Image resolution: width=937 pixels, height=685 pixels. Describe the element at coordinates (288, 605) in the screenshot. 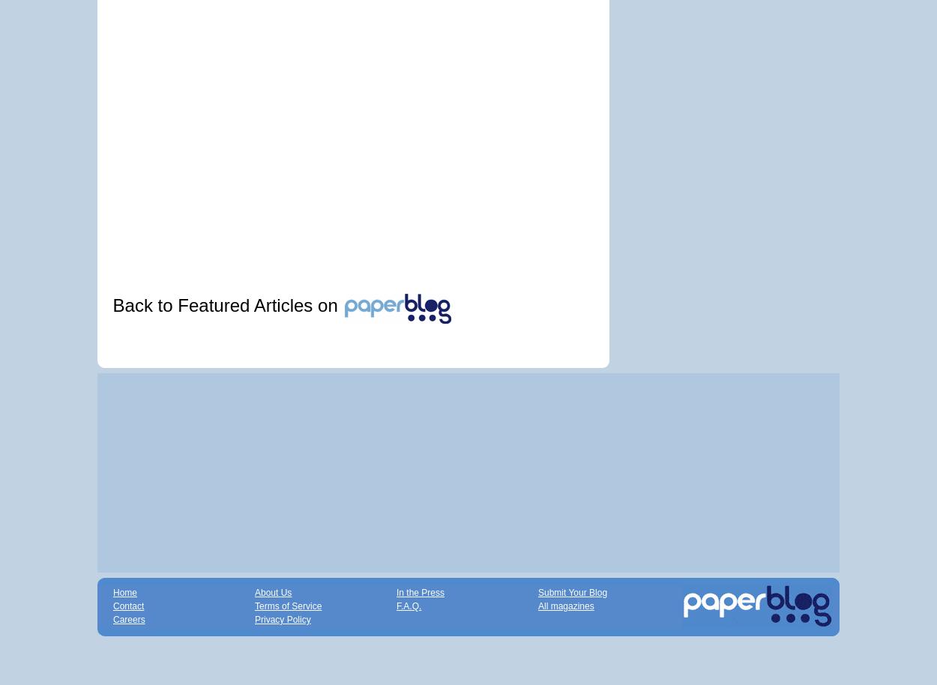

I see `'Terms of Service'` at that location.